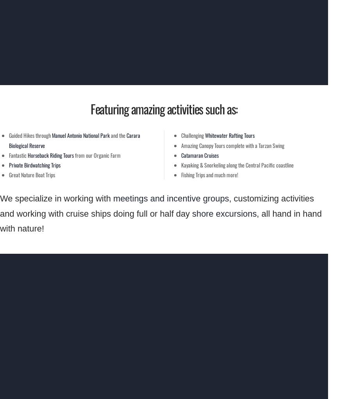 The width and height of the screenshot is (339, 399). Describe the element at coordinates (181, 144) in the screenshot. I see `'Amazing Canopy Tours complete with a Tarzan Swing'` at that location.